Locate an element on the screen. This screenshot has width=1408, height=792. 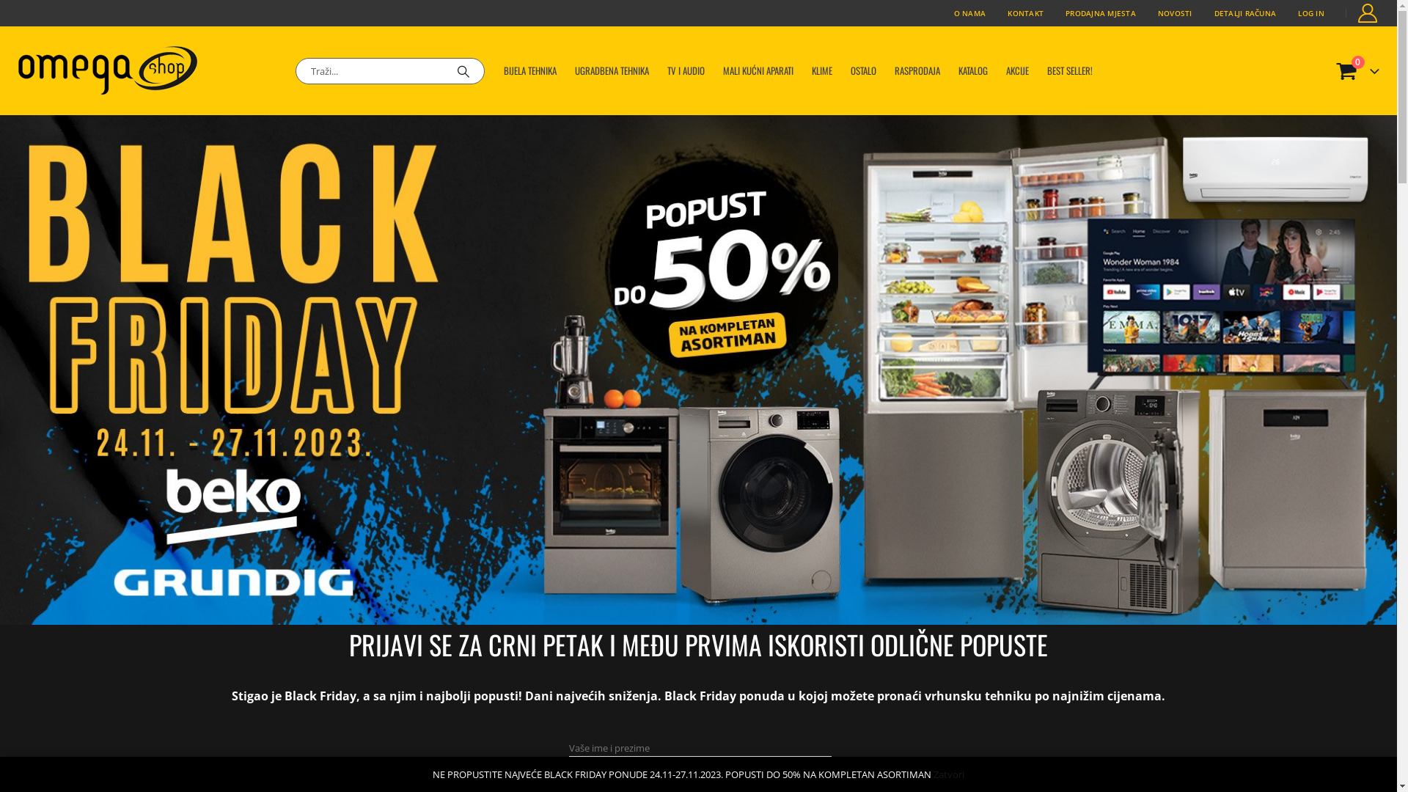
'AKCIJE' is located at coordinates (997, 70).